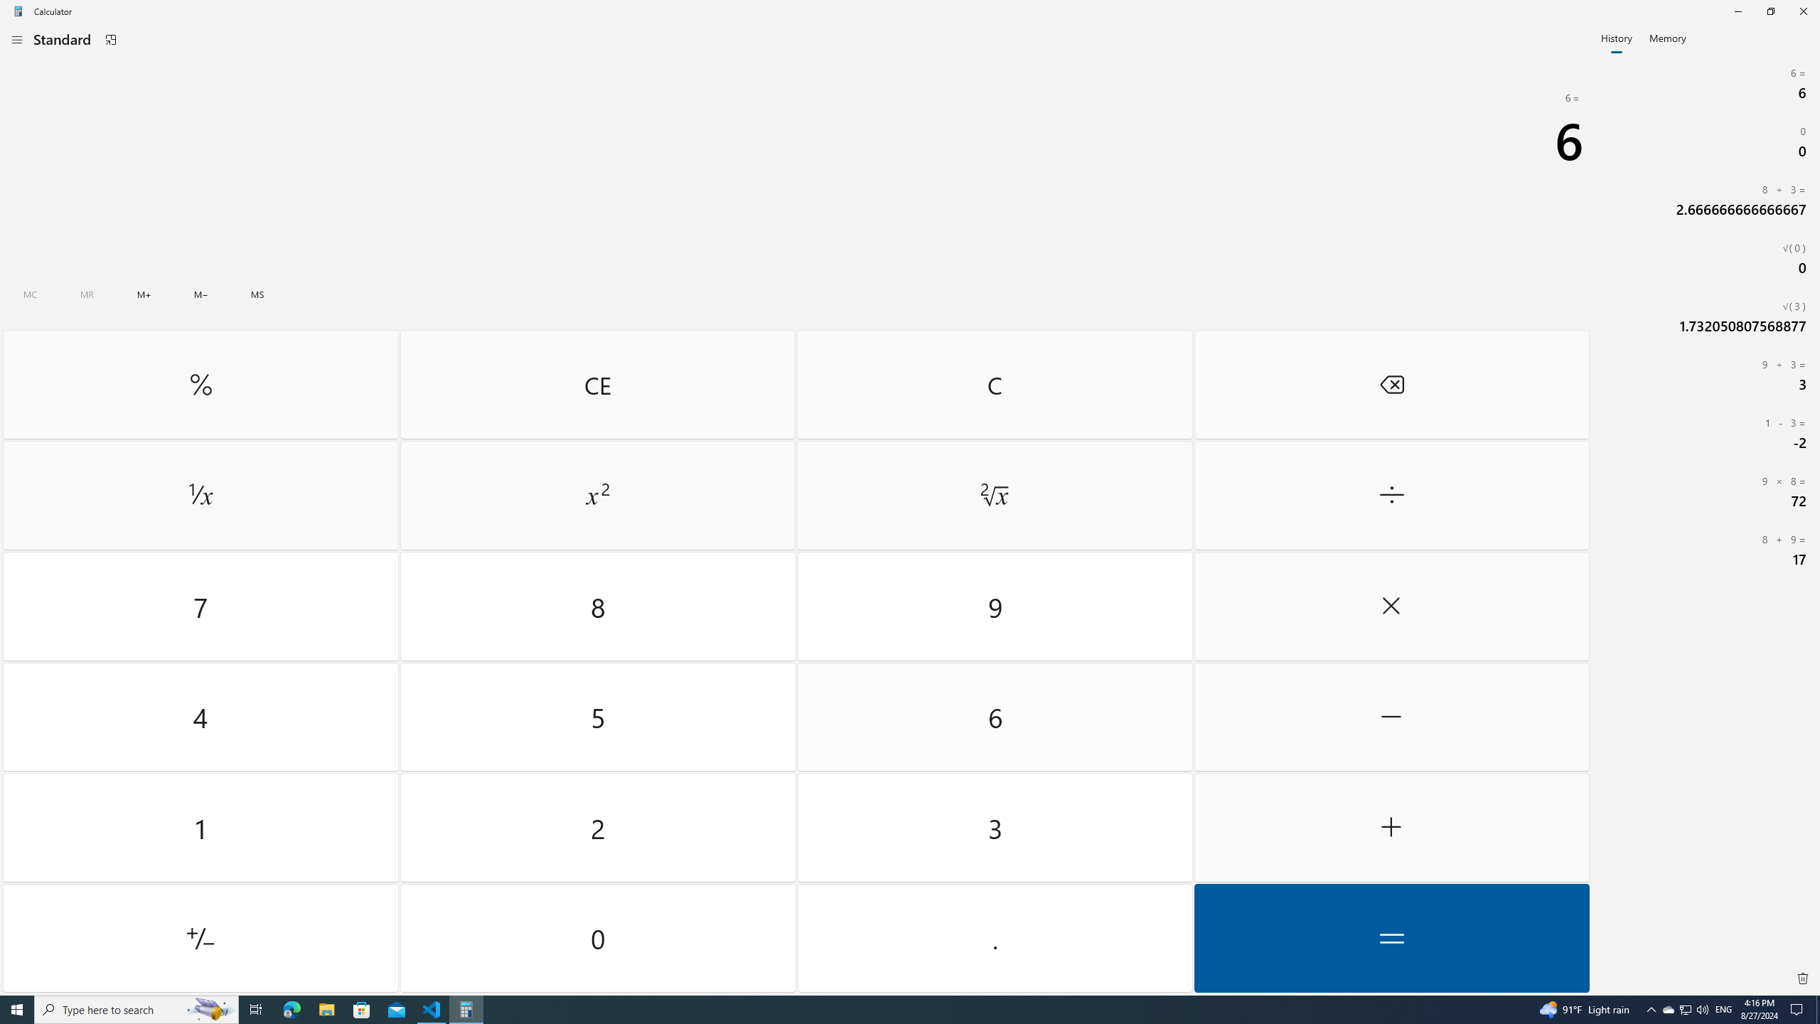  Describe the element at coordinates (1706, 550) in the screenshot. I see `'8 + 9= 17'` at that location.